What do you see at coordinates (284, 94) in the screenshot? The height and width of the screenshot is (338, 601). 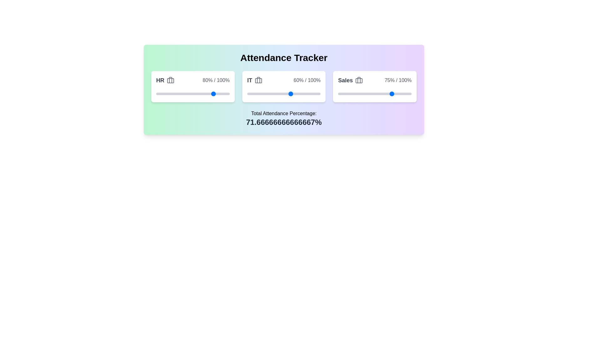 I see `the horizontal range slider with a rounded blue knob positioned beneath the text 'IT 60% / 100%'` at bounding box center [284, 94].